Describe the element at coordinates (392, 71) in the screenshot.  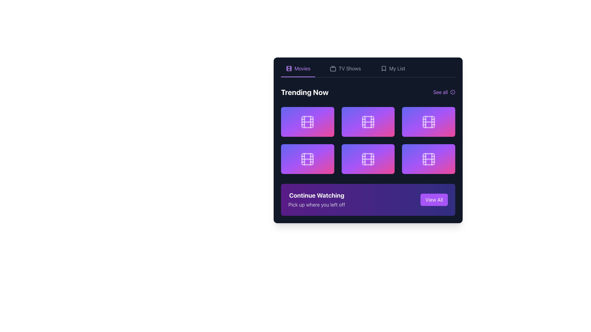
I see `the 'My List' button, which features a bookmark icon and stylized text, to trigger the color change effect` at that location.